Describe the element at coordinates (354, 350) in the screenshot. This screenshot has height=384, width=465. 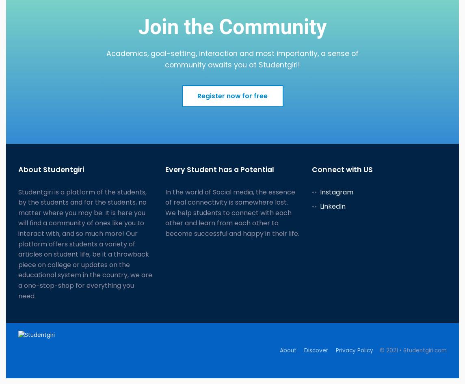
I see `'Privacy Policy'` at that location.